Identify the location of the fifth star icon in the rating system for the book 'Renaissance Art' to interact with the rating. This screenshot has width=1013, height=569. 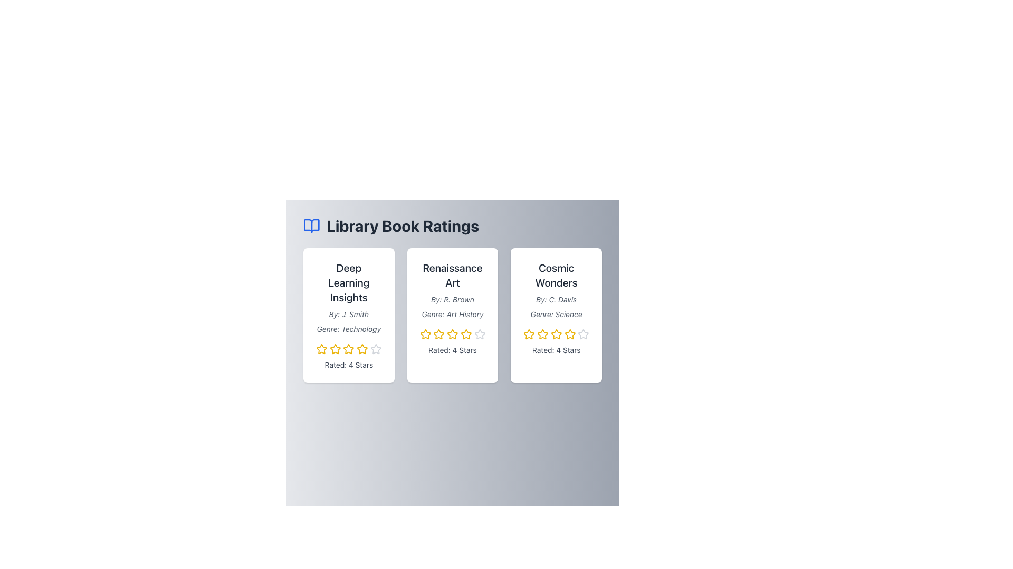
(479, 335).